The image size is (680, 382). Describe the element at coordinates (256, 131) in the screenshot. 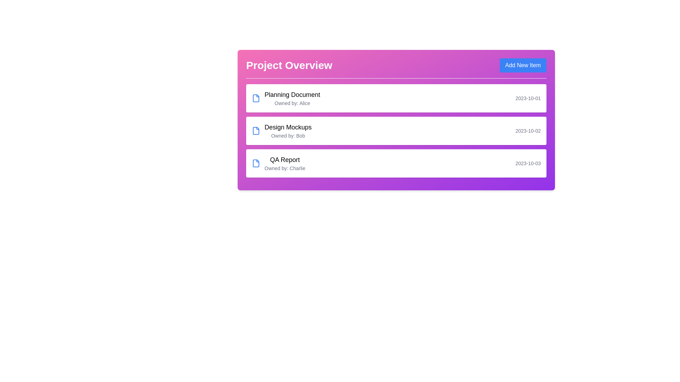

I see `the document icon in the second row of the 'Project Overview' list` at that location.